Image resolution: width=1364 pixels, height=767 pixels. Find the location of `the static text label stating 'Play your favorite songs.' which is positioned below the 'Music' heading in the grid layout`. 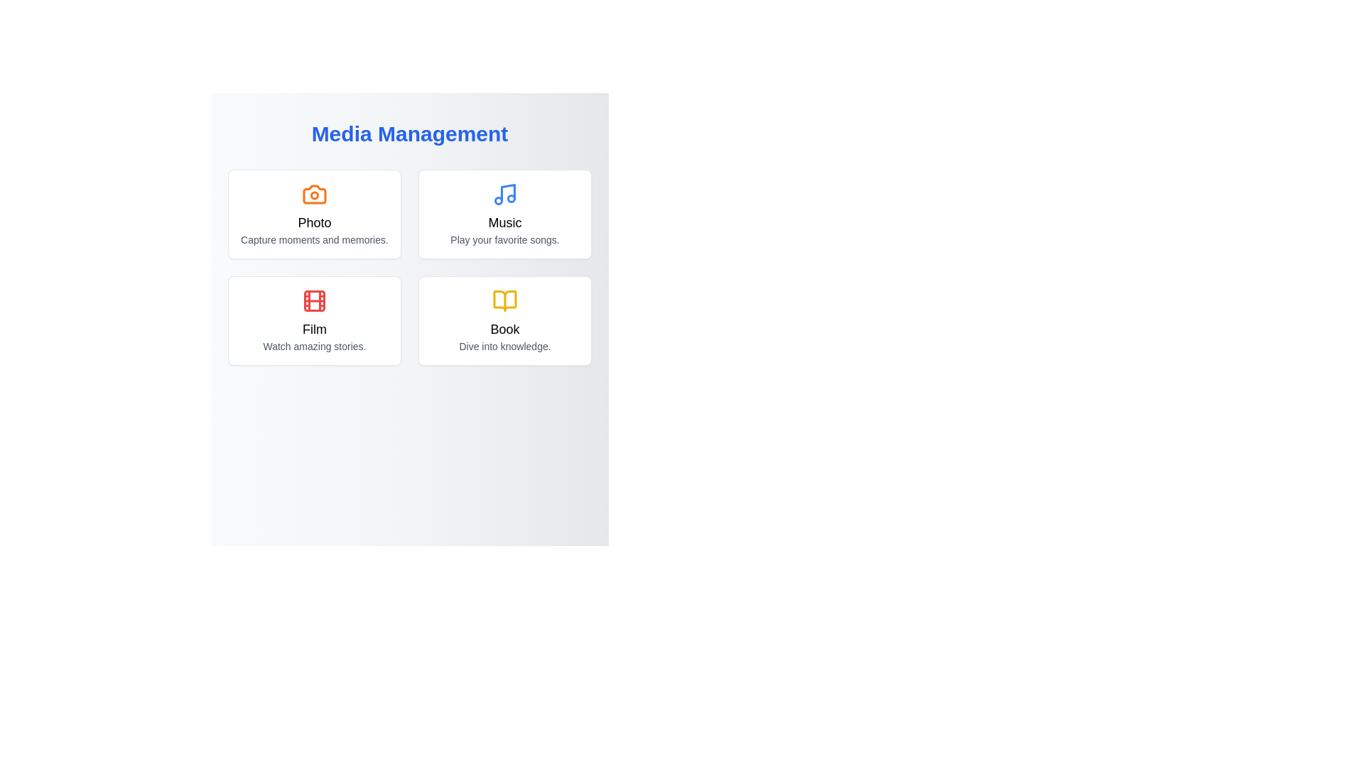

the static text label stating 'Play your favorite songs.' which is positioned below the 'Music' heading in the grid layout is located at coordinates (504, 239).